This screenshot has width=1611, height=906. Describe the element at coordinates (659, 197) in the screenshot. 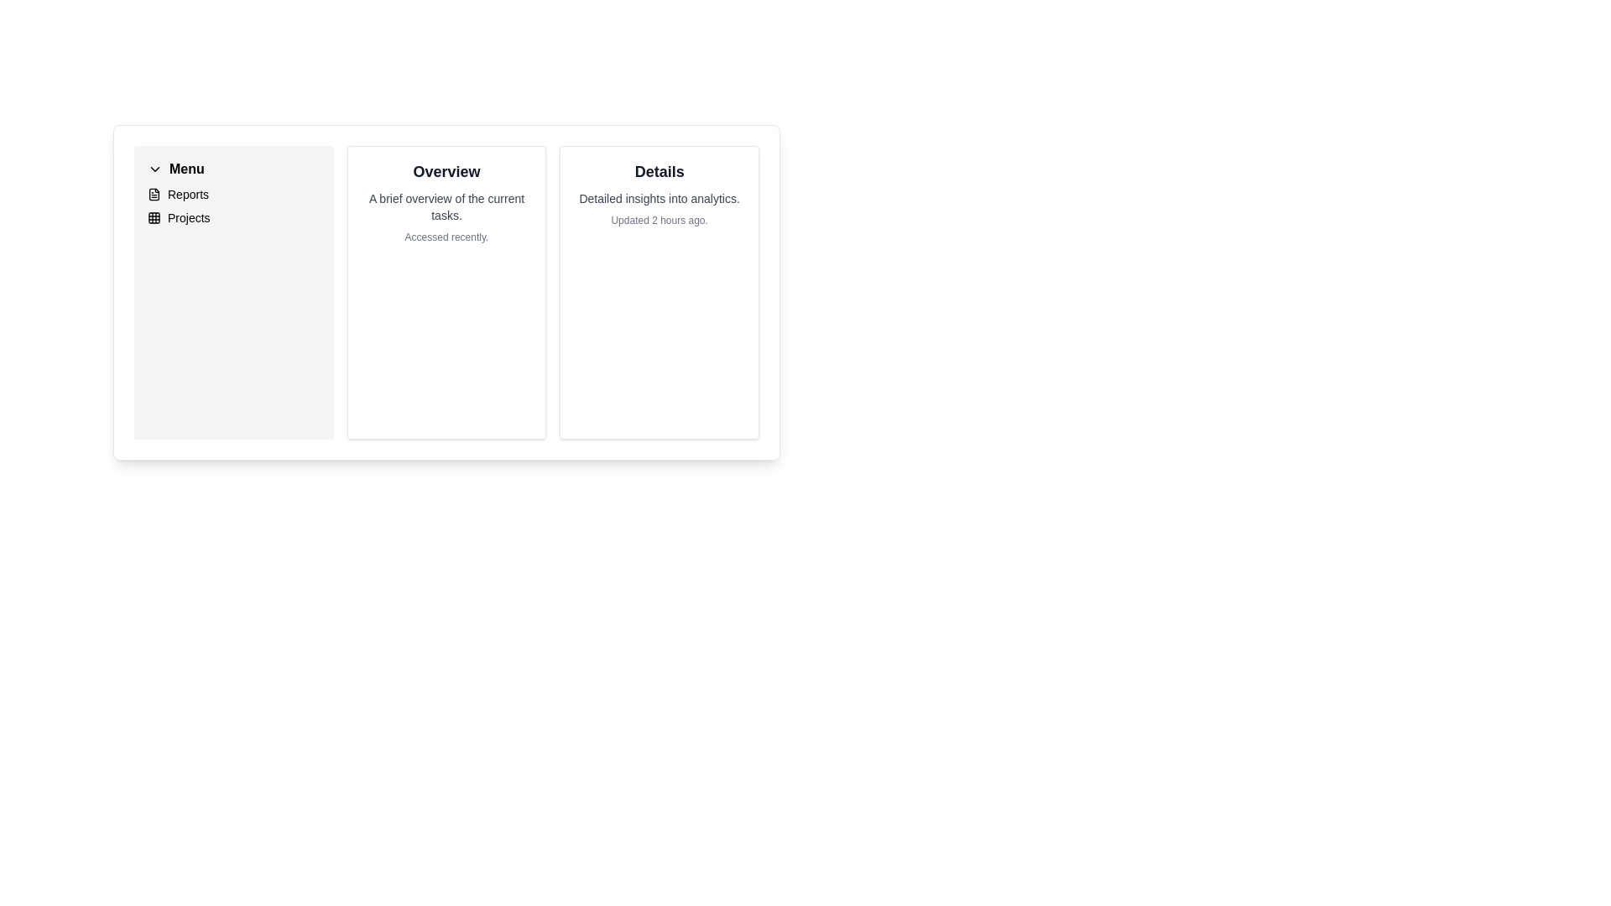

I see `the static text element that displays 'Detailed insights into analytics.' which is positioned below the 'Details' title text and above the timestamp text` at that location.